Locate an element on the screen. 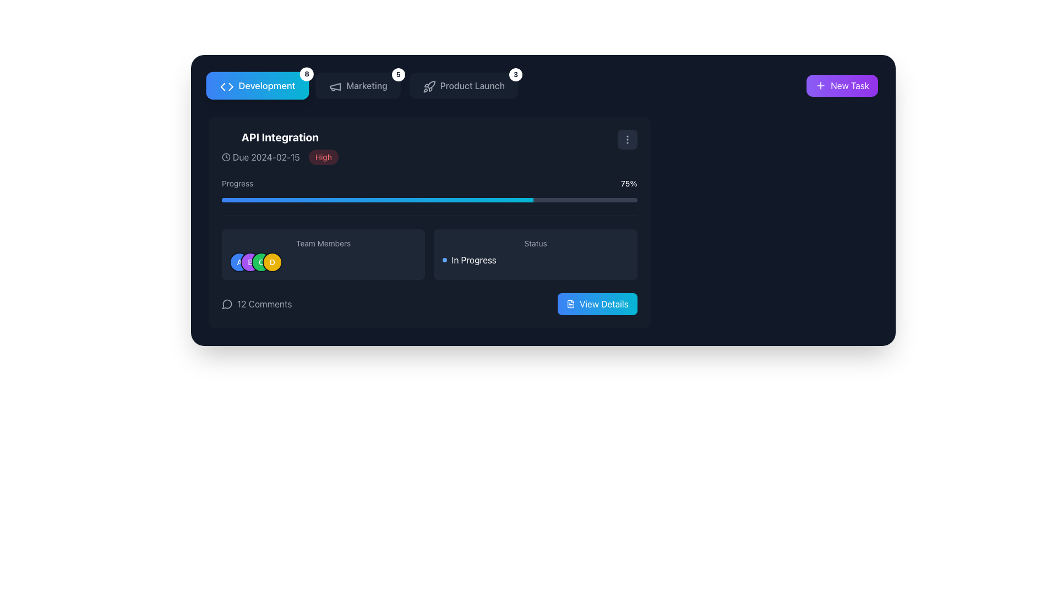 The width and height of the screenshot is (1057, 594). the text label displaying the due date 'Due 2024-02-15' to associate it with the task timeline is located at coordinates (266, 157).